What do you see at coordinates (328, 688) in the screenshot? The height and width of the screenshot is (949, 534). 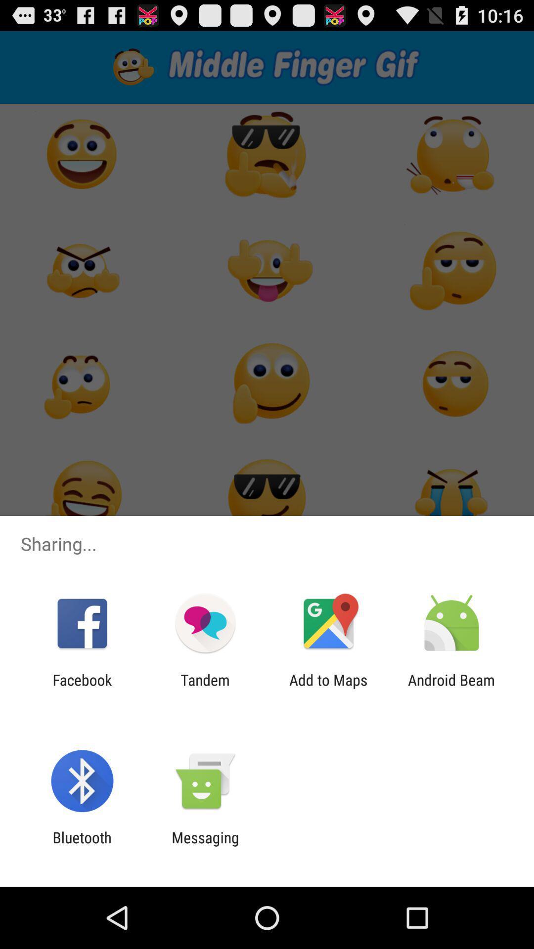 I see `item next to the tandem icon` at bounding box center [328, 688].